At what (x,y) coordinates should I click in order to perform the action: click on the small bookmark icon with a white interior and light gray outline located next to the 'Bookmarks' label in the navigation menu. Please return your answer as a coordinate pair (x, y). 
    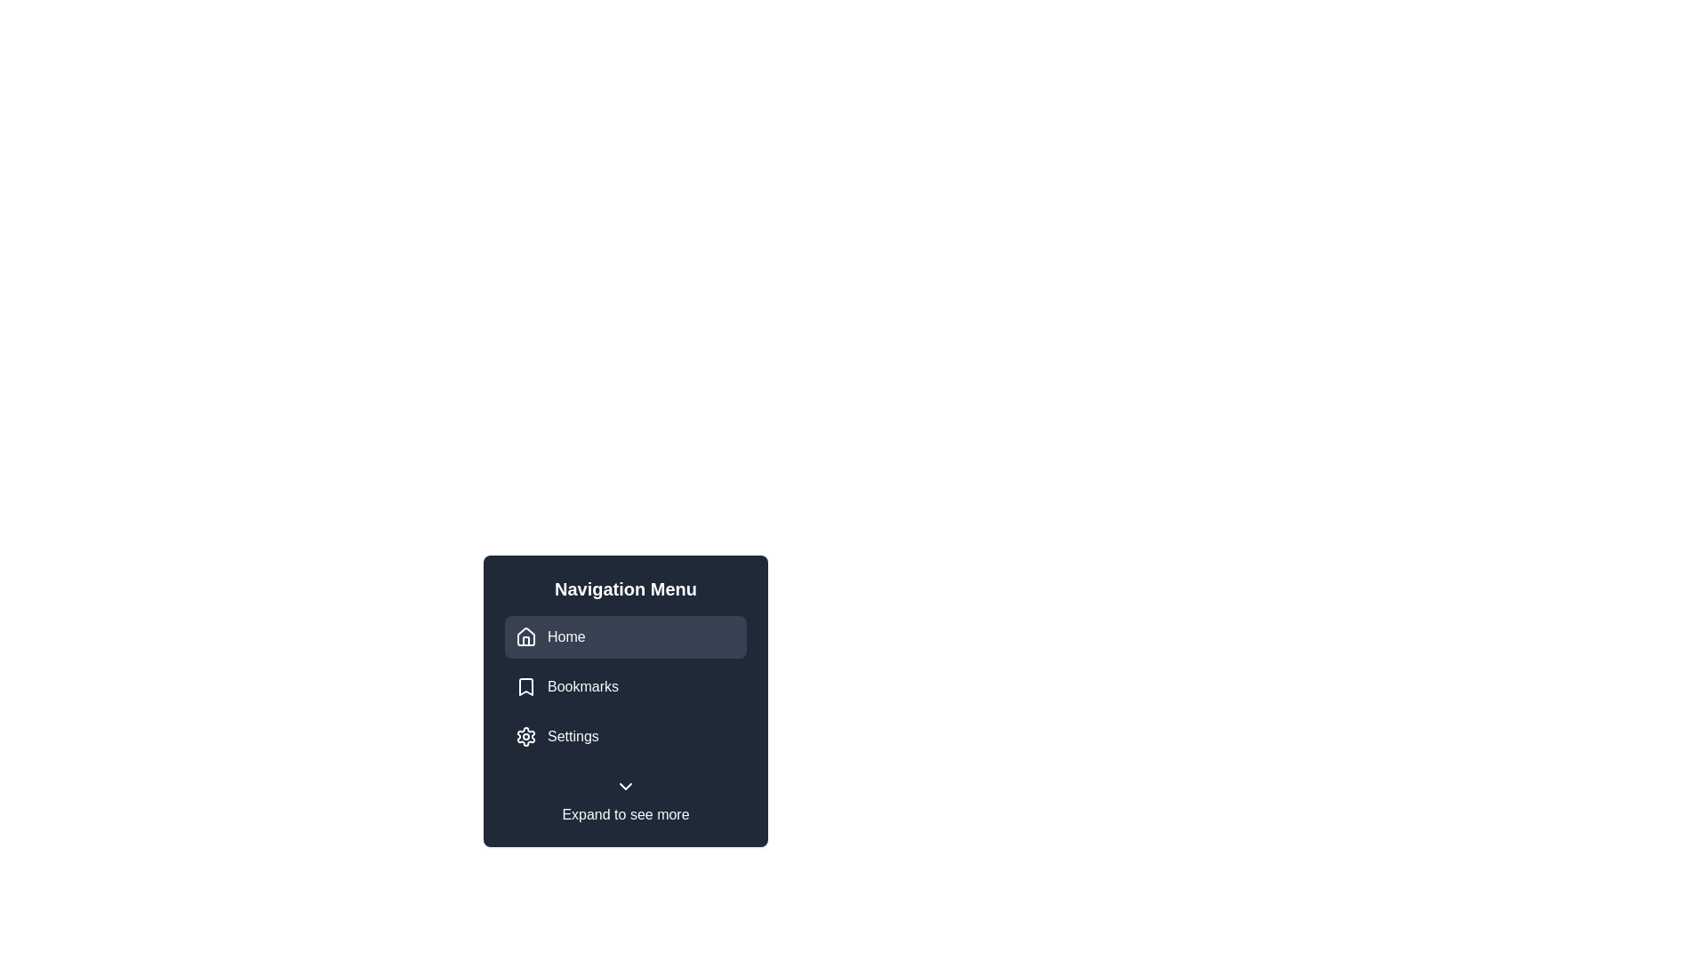
    Looking at the image, I should click on (525, 685).